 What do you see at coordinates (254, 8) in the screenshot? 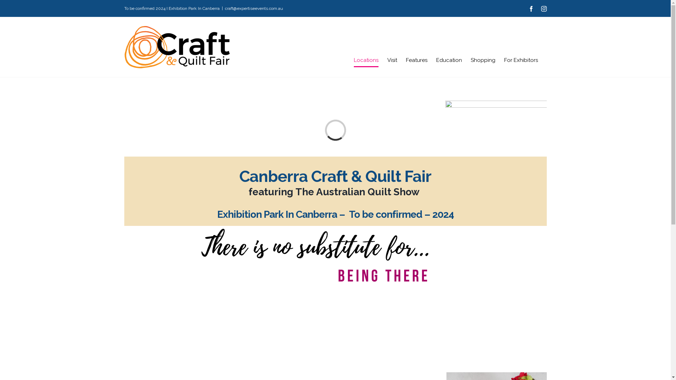
I see `'craft@expertiseevents.com.au'` at bounding box center [254, 8].